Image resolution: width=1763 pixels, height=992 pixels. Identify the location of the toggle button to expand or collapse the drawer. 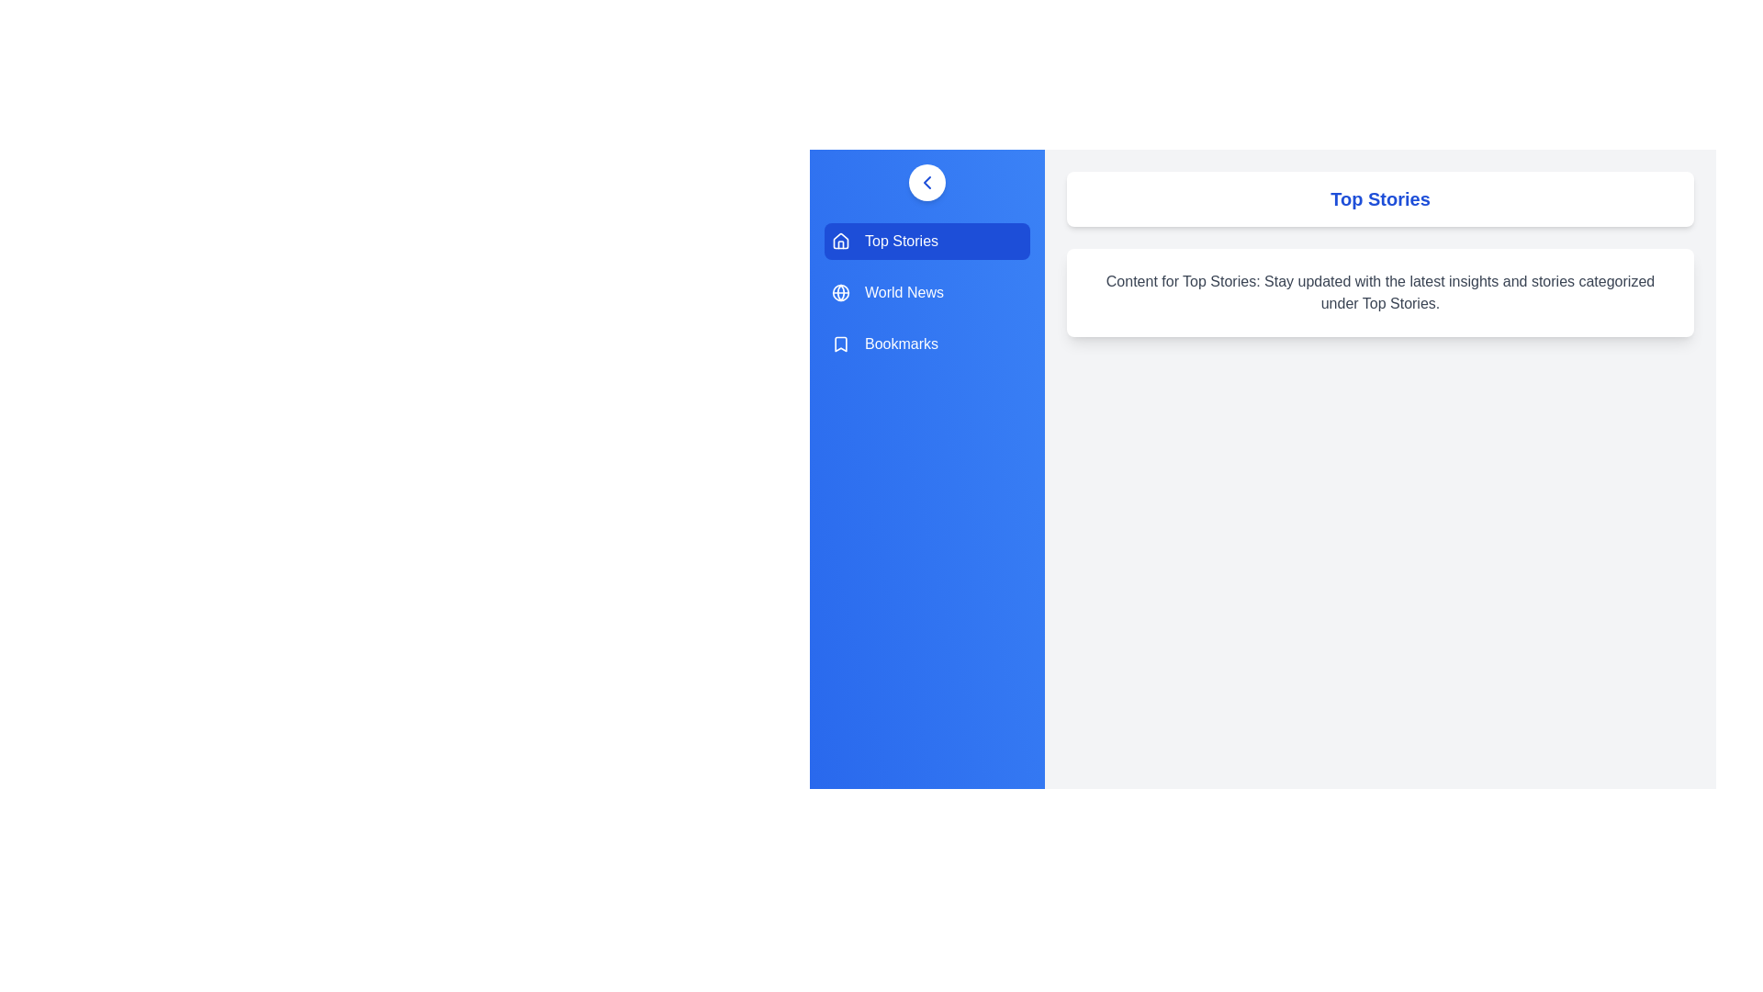
(926, 183).